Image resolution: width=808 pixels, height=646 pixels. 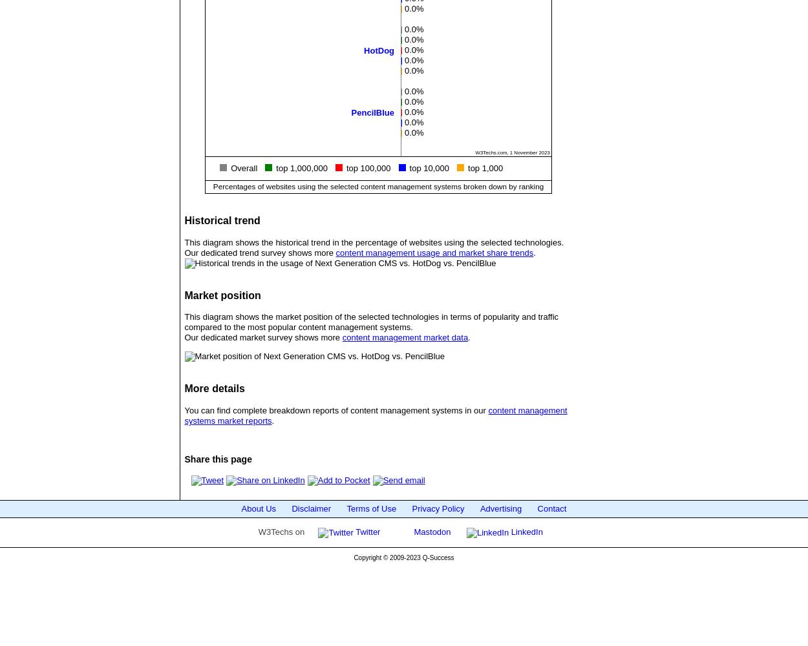 What do you see at coordinates (485, 167) in the screenshot?
I see `'top 1,000'` at bounding box center [485, 167].